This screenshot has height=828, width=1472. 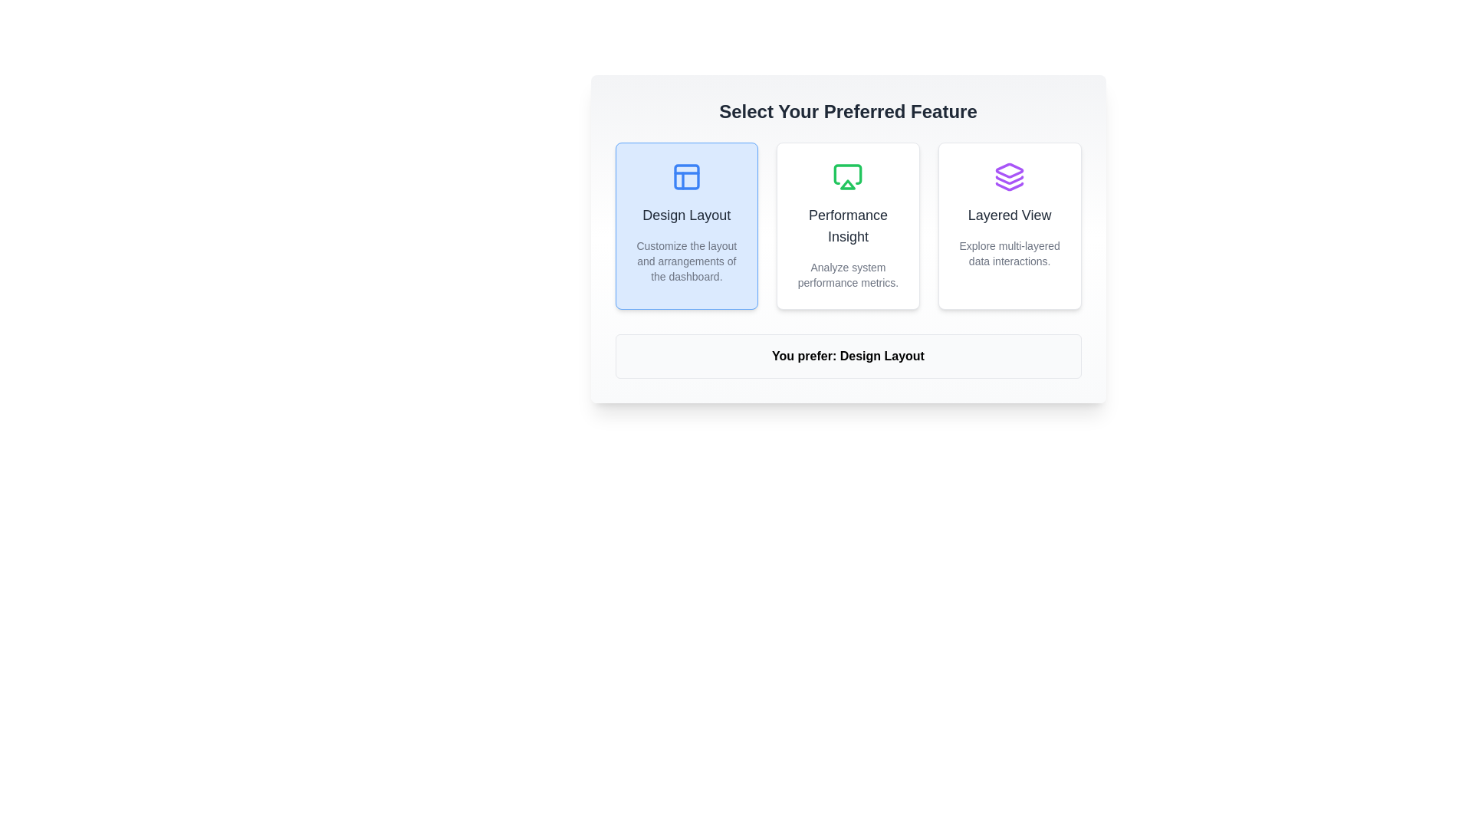 What do you see at coordinates (847, 356) in the screenshot?
I see `the dynamic Text Label that displays the user's current feature option, located at the center of the interface below the three selectable option cards` at bounding box center [847, 356].